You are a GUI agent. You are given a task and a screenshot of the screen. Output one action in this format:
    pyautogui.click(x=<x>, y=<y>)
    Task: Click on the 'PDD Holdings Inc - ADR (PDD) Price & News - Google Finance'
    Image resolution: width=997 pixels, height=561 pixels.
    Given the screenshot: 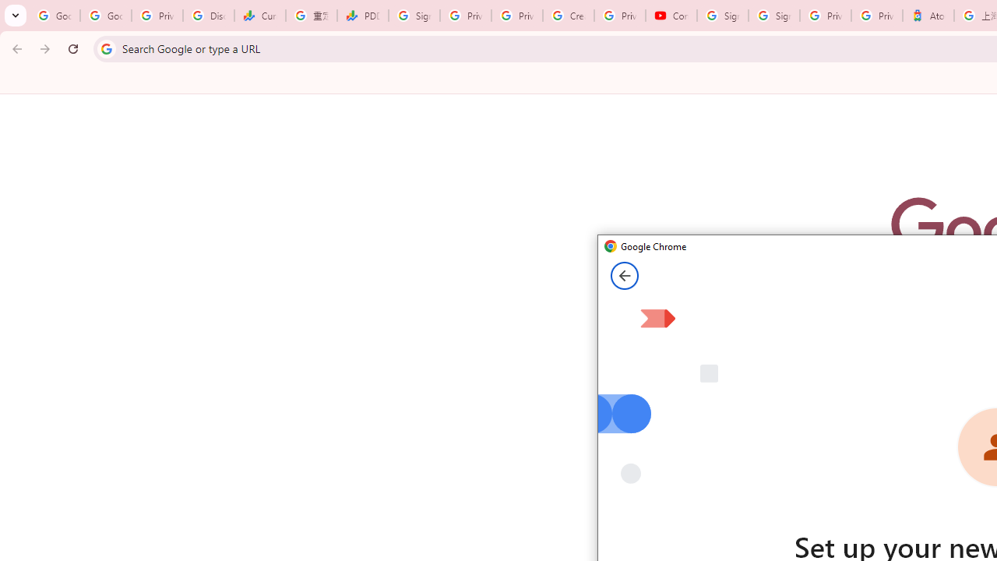 What is the action you would take?
    pyautogui.click(x=361, y=16)
    